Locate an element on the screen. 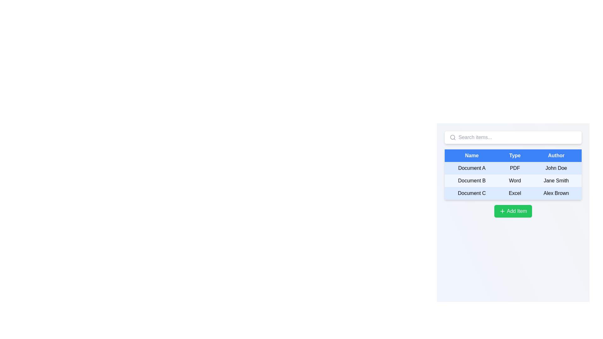 This screenshot has height=339, width=603. the 'Add New Item' button located below the list of documents, centered horizontally at the lower region of the visible area is located at coordinates (513, 211).